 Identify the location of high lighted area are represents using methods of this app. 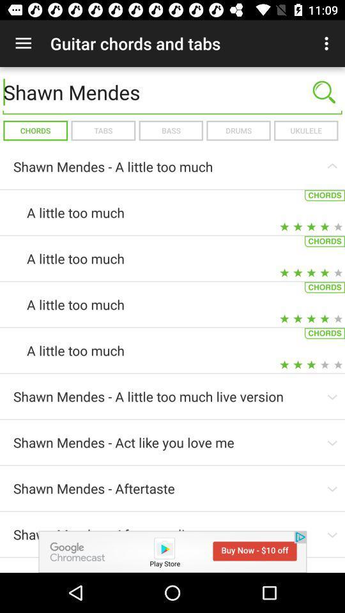
(172, 551).